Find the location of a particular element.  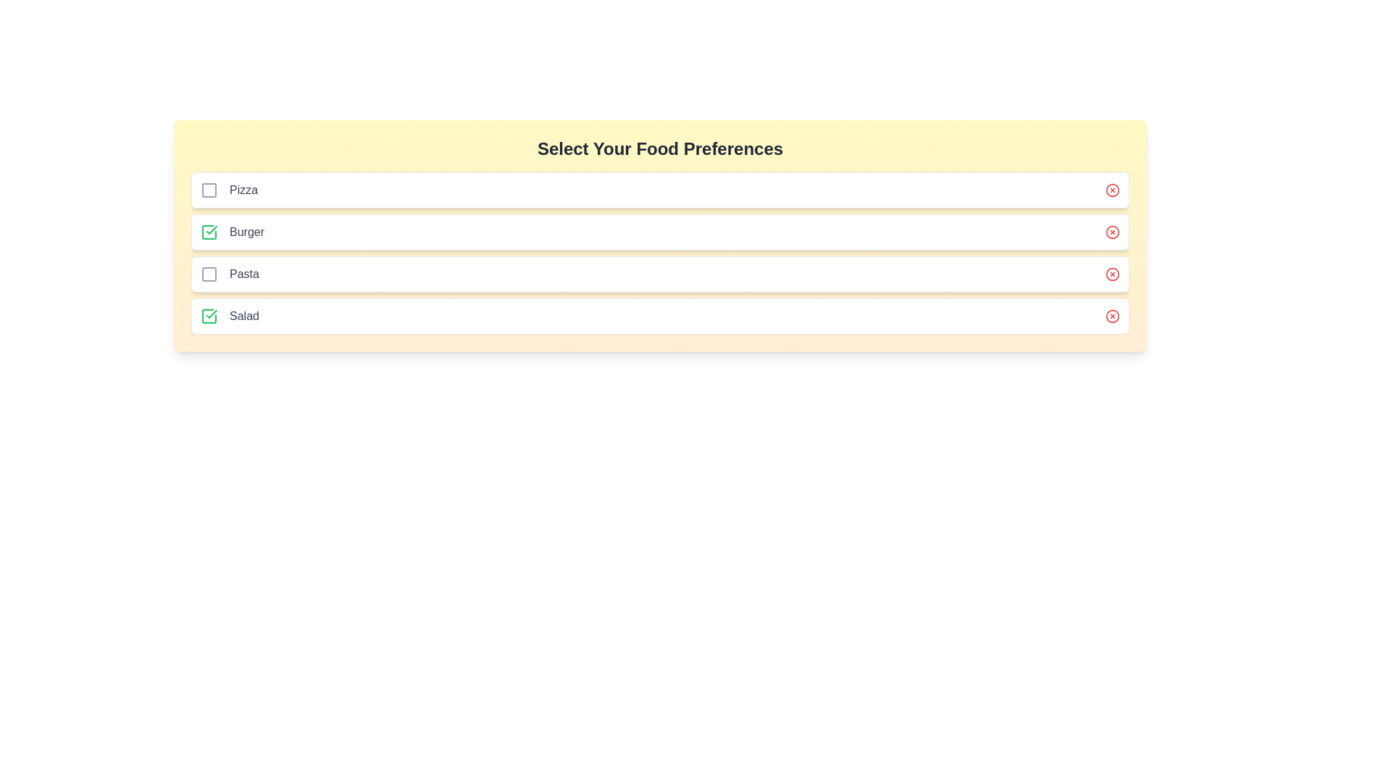

the red close icon located in the third row of the list, aligned at the far right is located at coordinates (1112, 274).